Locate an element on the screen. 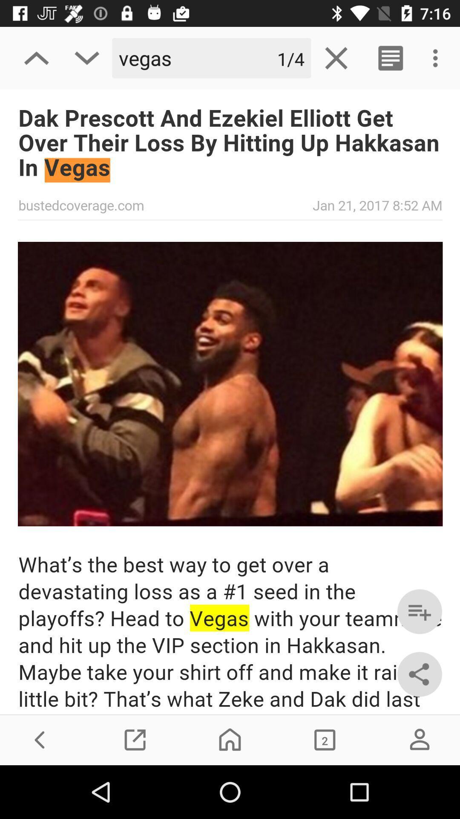  the wallpaper icon is located at coordinates (325, 739).